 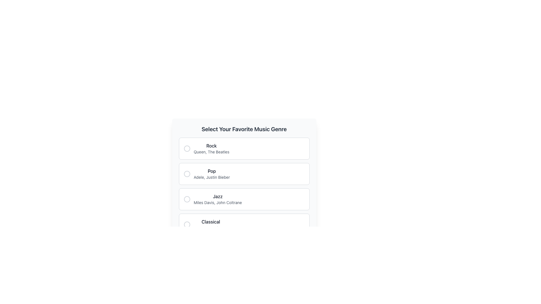 What do you see at coordinates (217, 196) in the screenshot?
I see `the Text Label displaying 'Jazz', which is the third selection option in the music genre list, located between 'Pop' and 'Classical'` at bounding box center [217, 196].